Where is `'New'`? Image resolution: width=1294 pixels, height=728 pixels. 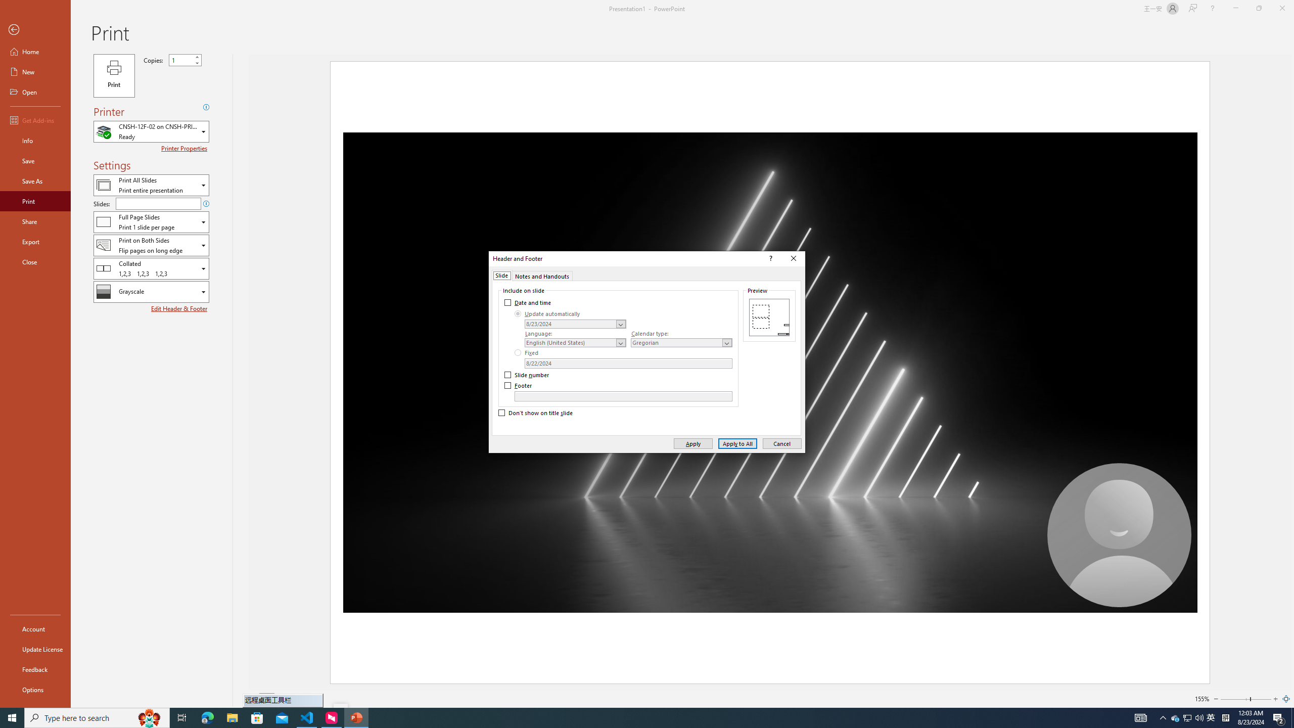 'New' is located at coordinates (35, 71).